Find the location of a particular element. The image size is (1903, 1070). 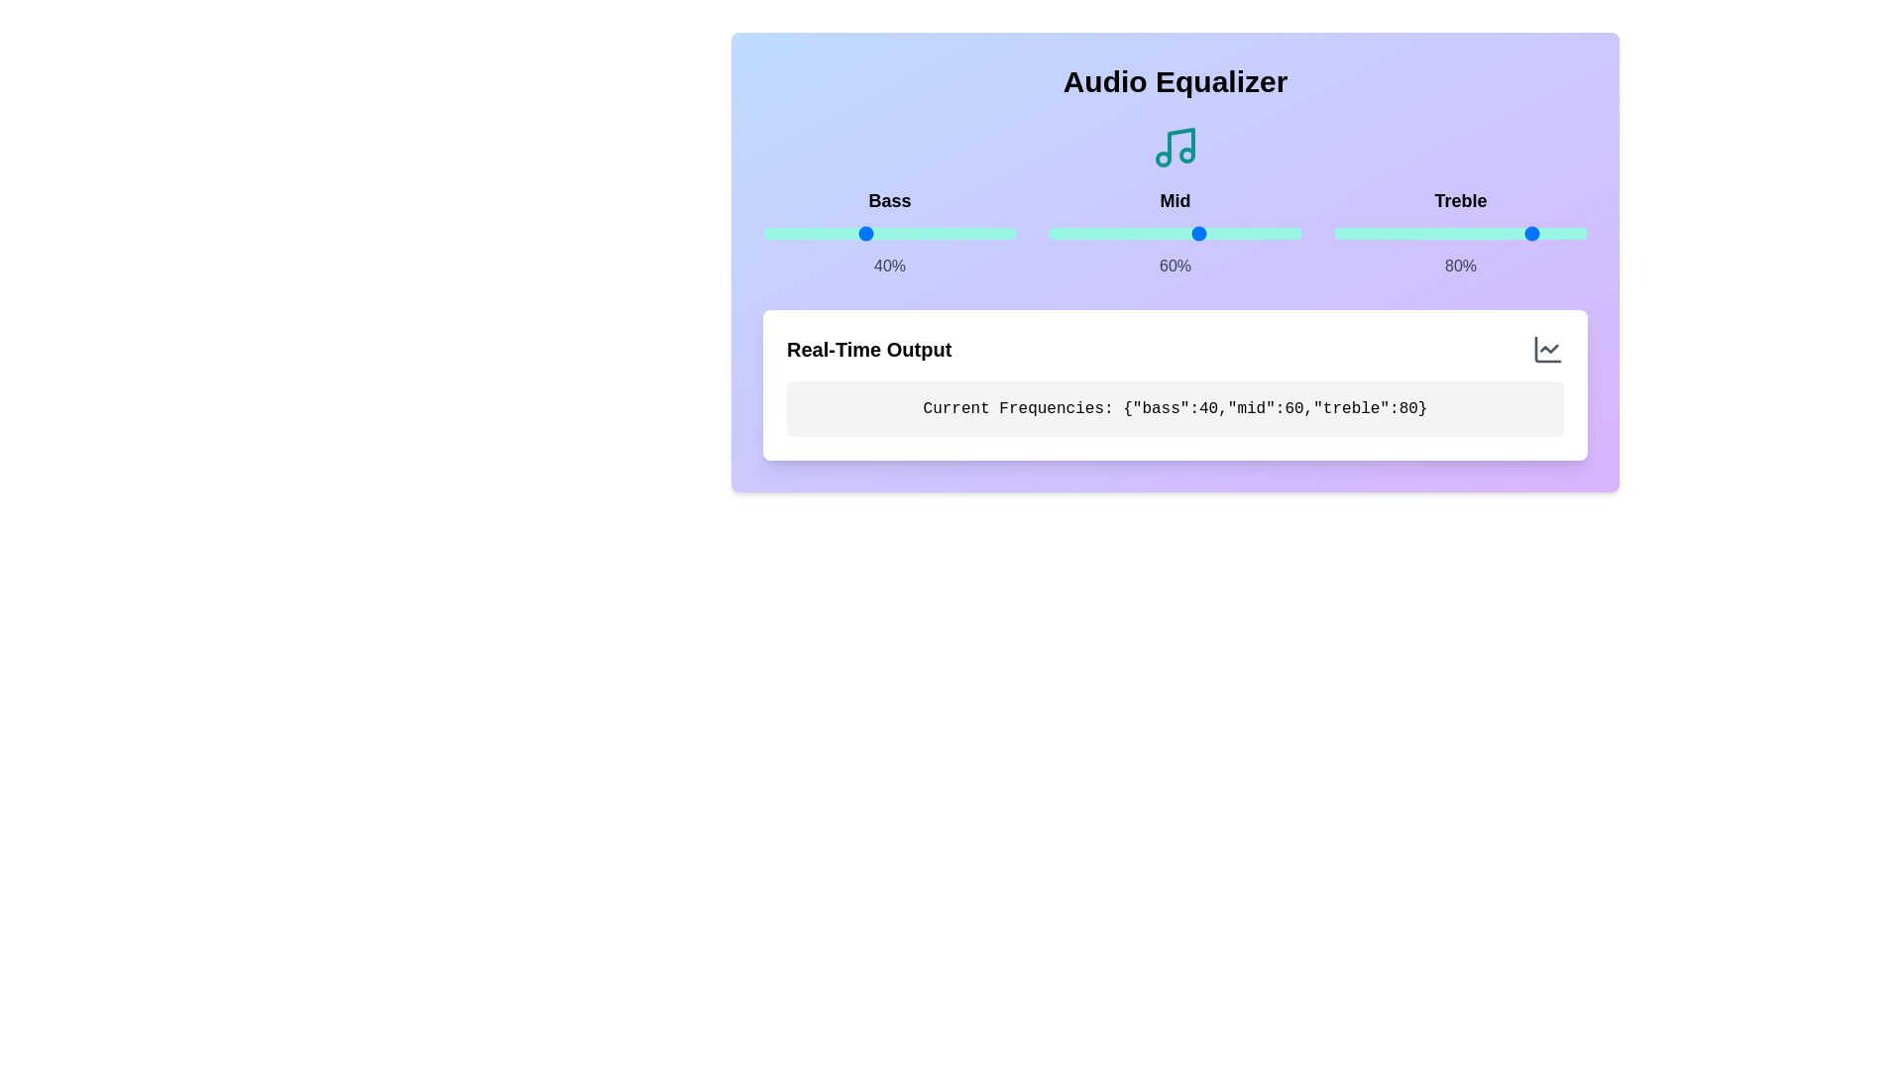

the 'Treble' slider is located at coordinates (1484, 232).